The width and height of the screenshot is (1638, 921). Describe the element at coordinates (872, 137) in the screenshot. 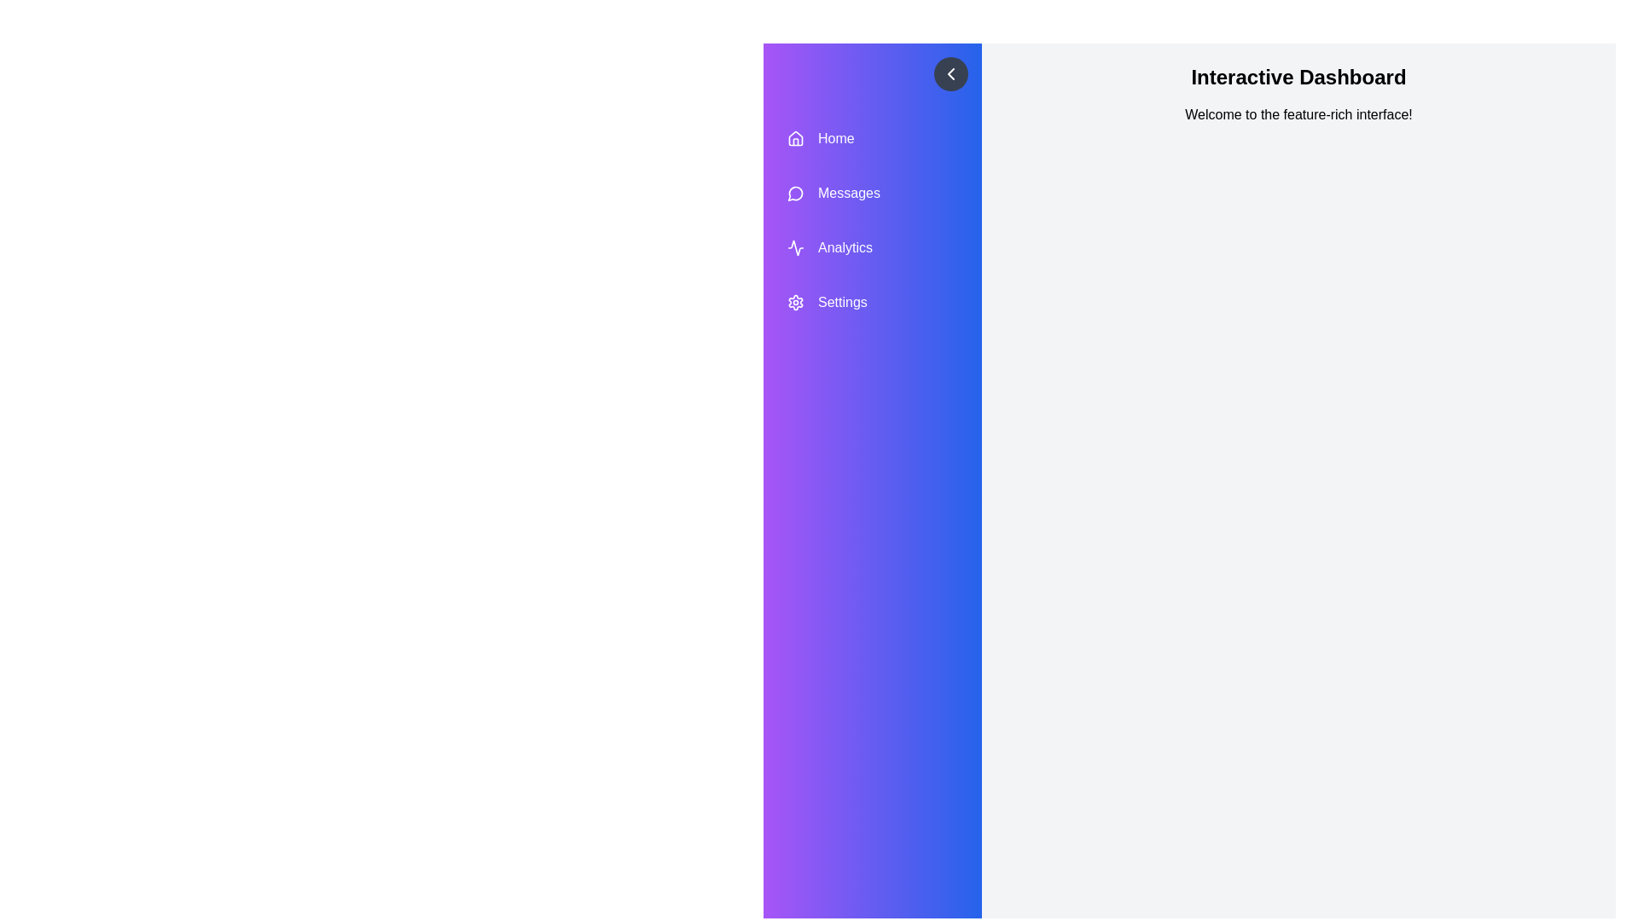

I see `the menu item labeled Home` at that location.